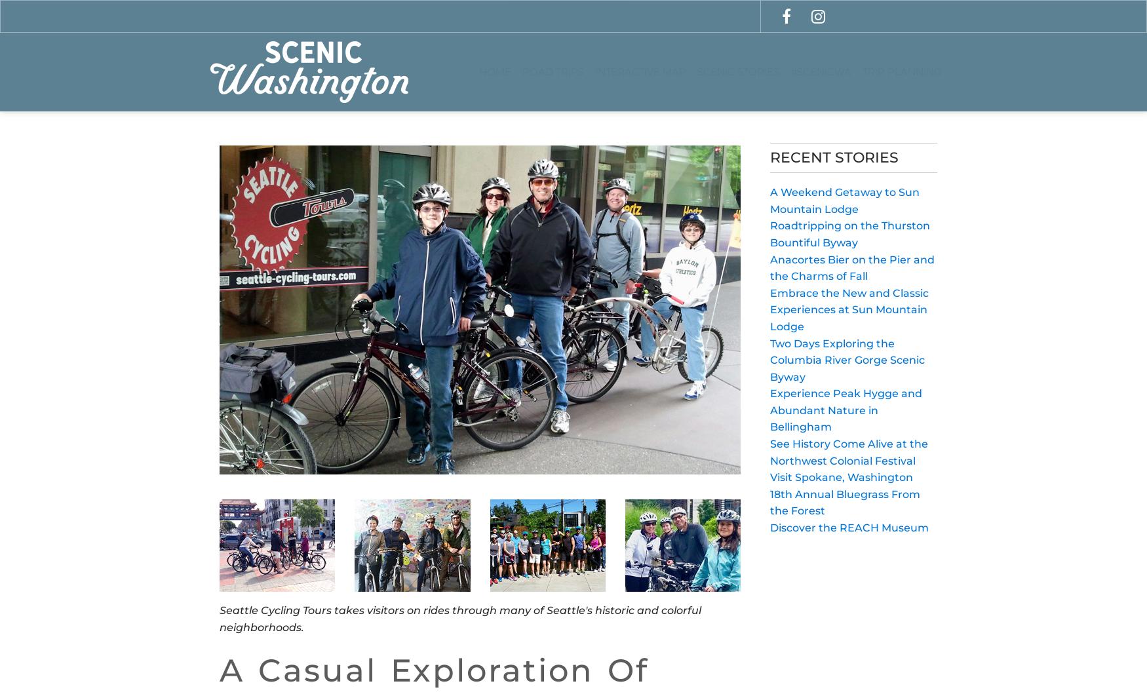 Image resolution: width=1147 pixels, height=694 pixels. I want to click on 'Seattle Cycling Tours takes visitors on rides through many of Seattle's historic and colorful neighborhoods.', so click(460, 618).